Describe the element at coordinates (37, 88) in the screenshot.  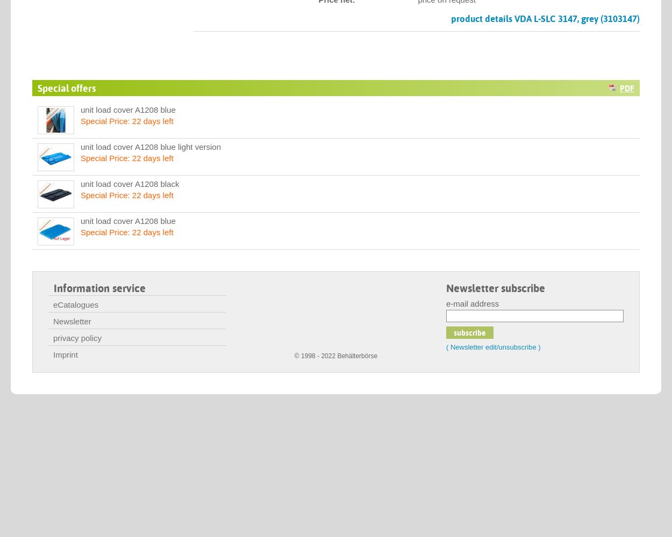
I see `'Special offers'` at that location.